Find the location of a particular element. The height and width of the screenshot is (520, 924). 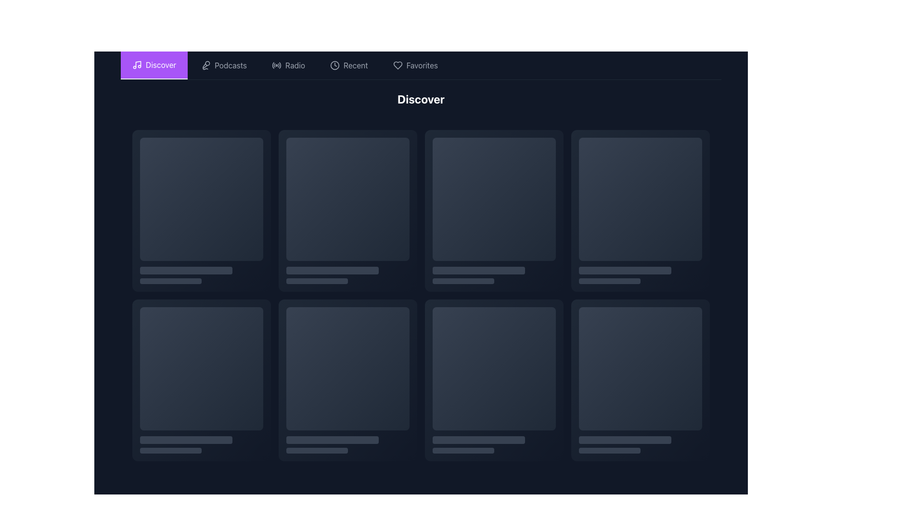

the Decorative bar located beneath a square area, characterized by its rectangular shape with rounded corners and solid gray fill is located at coordinates (333, 440).